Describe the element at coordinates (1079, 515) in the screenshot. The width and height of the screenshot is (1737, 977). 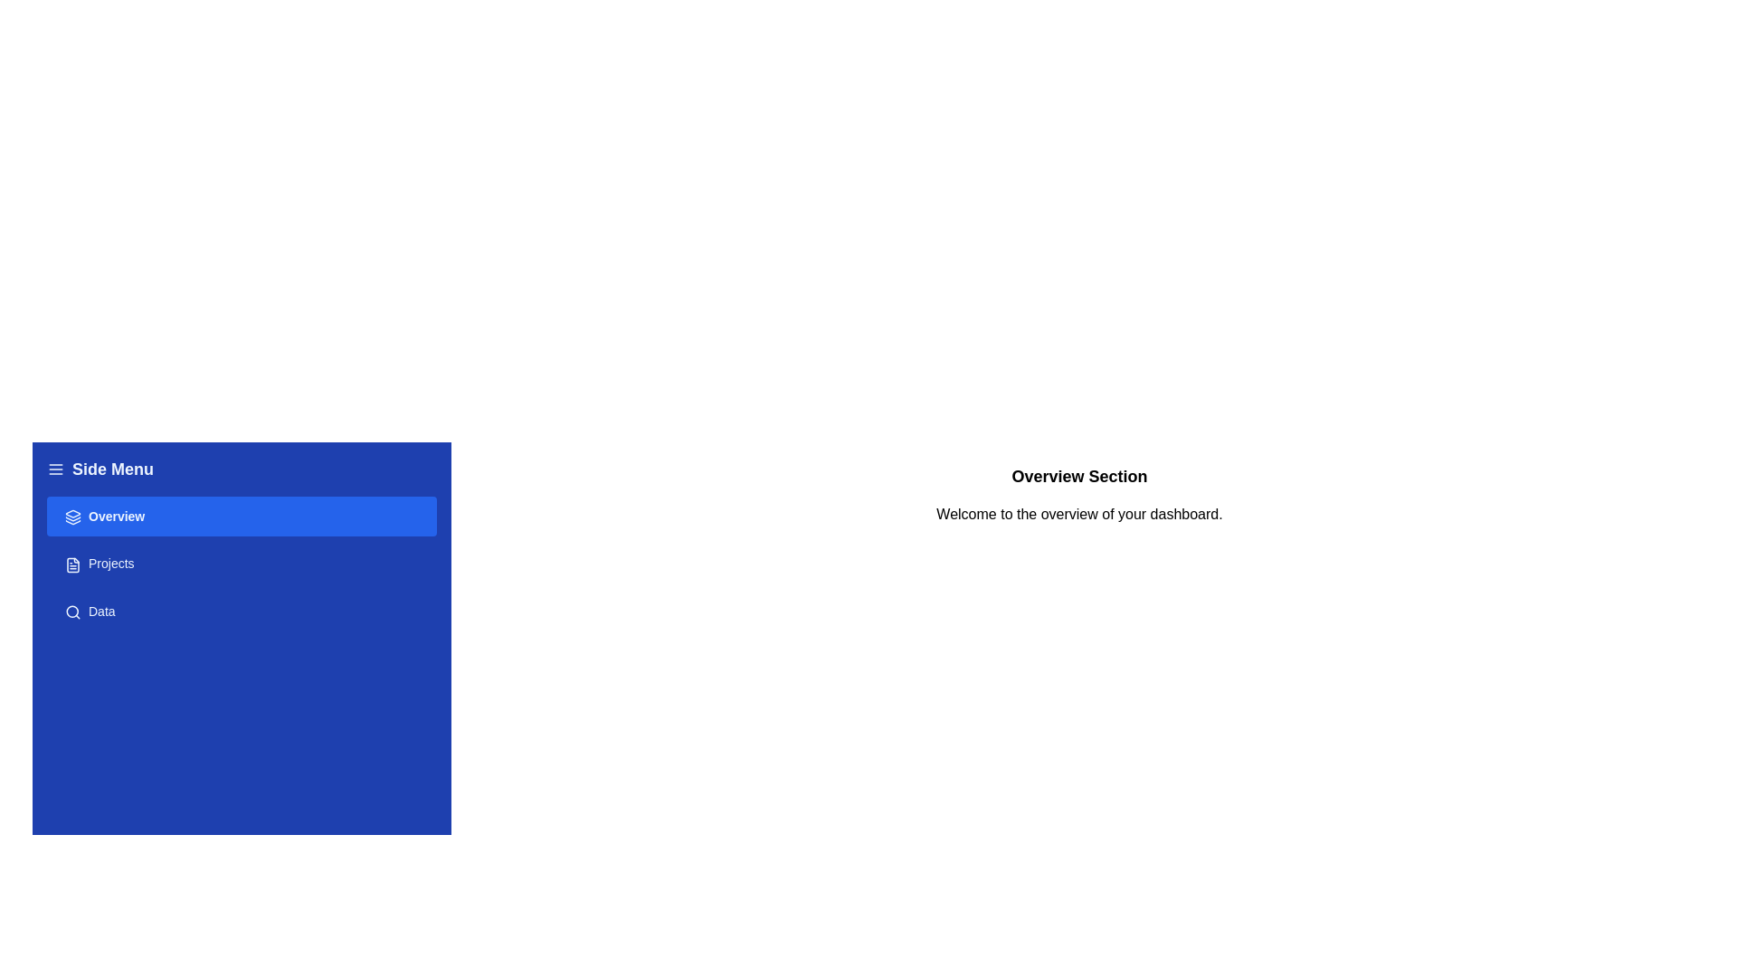
I see `the text element displaying 'Welcome to the overview of your dashboard.' which is located below the 'Overview Section' heading` at that location.